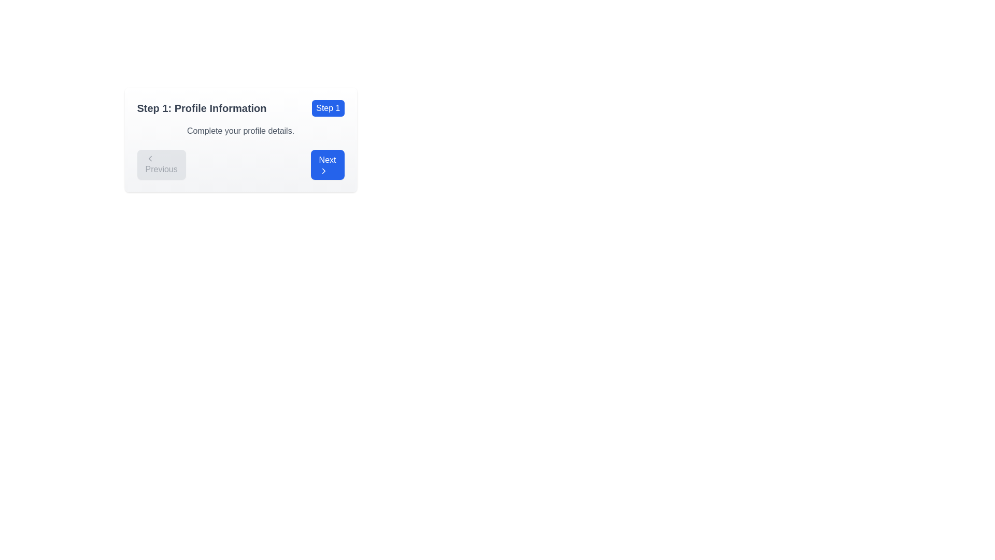 The image size is (995, 560). What do you see at coordinates (240, 131) in the screenshot?
I see `the text label displaying 'Complete your profile details.' which is located below the title 'Step 1: Profile Information' and above the navigation buttons 'Previous' and 'Next'` at bounding box center [240, 131].